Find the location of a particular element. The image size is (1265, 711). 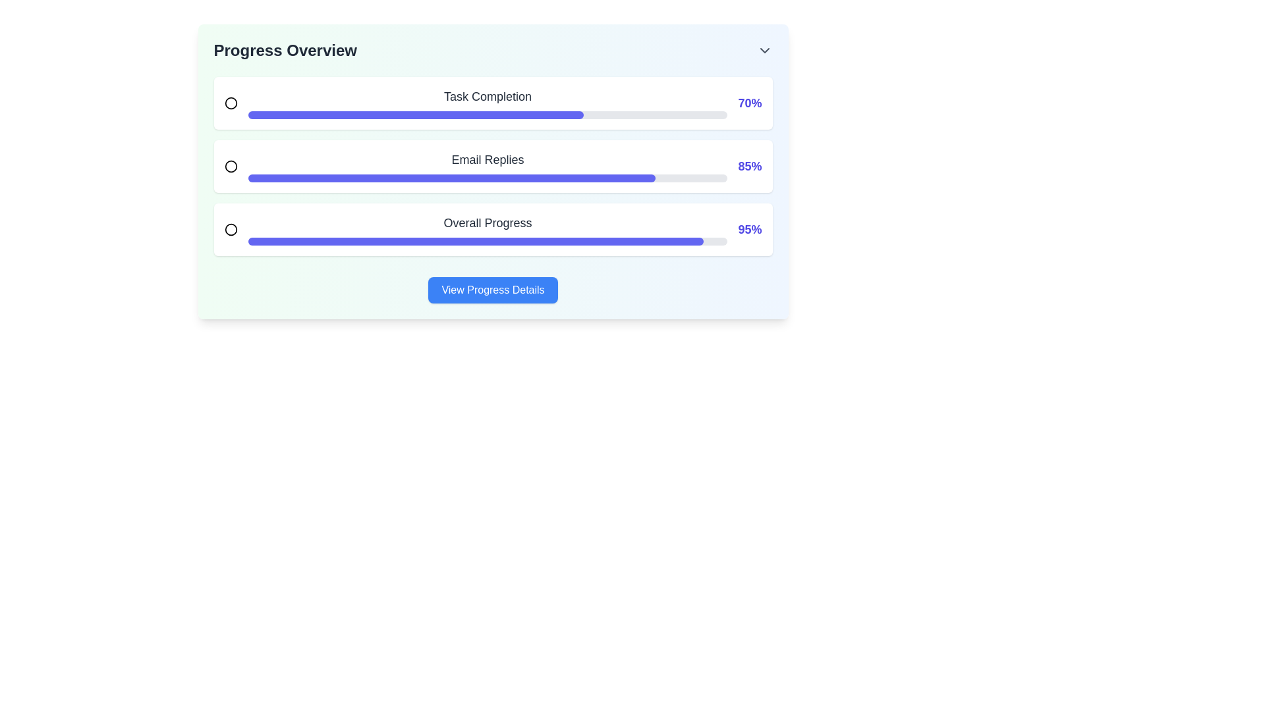

the progress bar labeled 'Overall Progress' which displays '95%' on the right and is the third item in the list of progress indicators is located at coordinates (492, 228).